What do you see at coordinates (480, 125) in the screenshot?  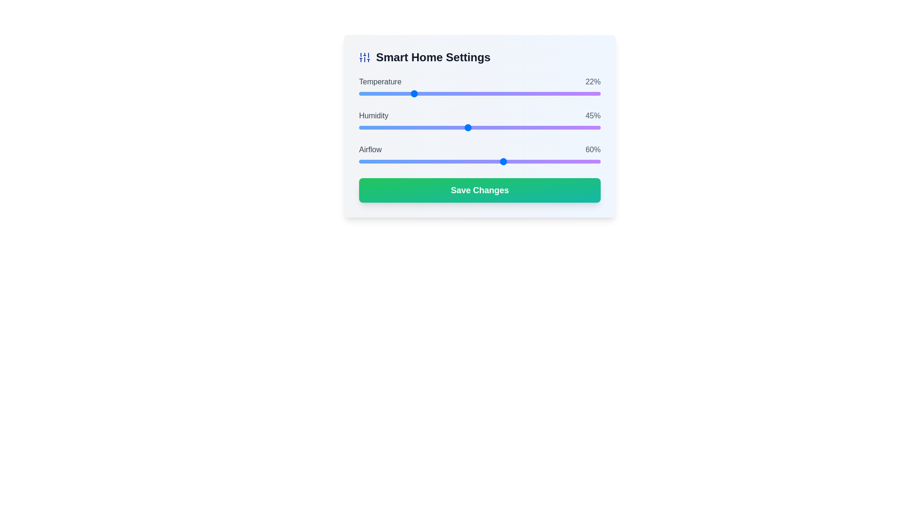 I see `keyboard navigation` at bounding box center [480, 125].